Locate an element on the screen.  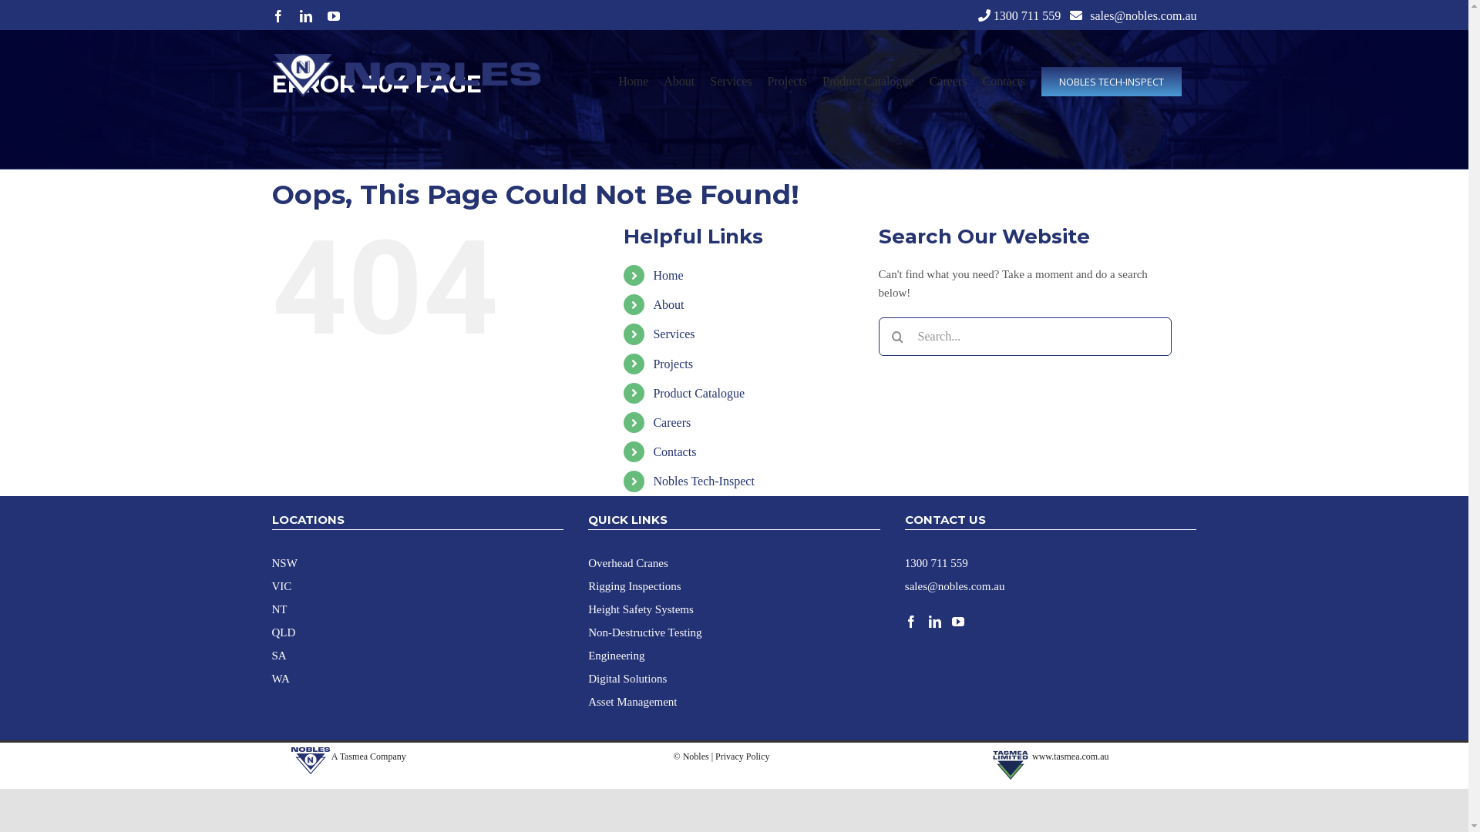
'SA' is located at coordinates (271, 654).